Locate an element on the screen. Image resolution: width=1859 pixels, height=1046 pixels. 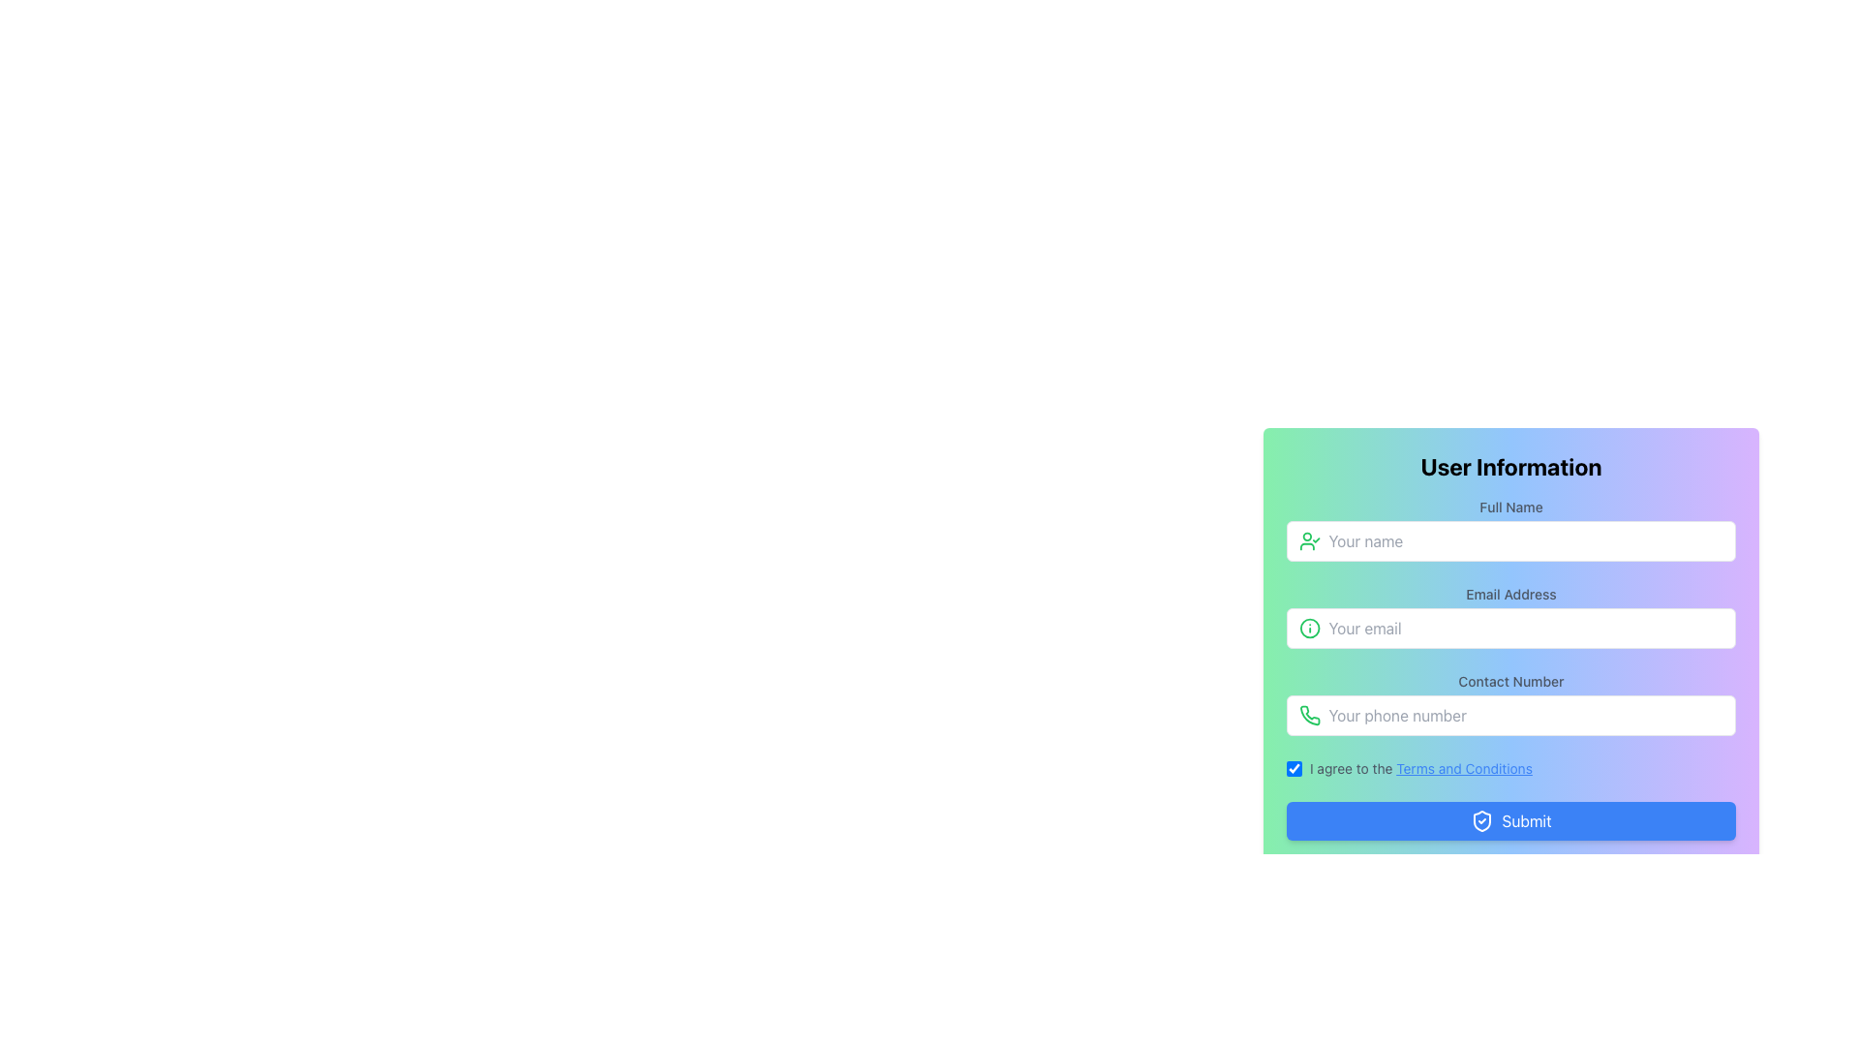
the checkbox is located at coordinates (1295, 768).